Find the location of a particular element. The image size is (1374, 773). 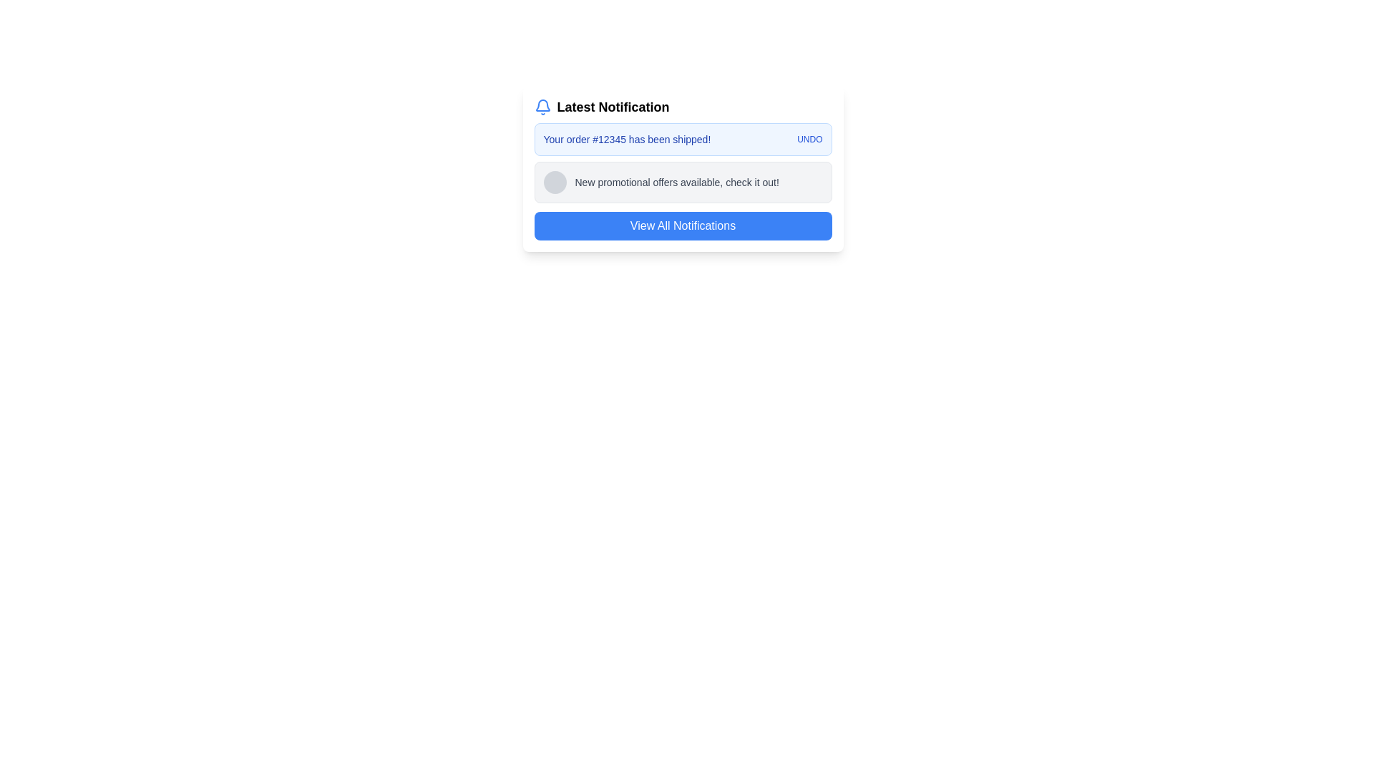

static text element displaying the message: 'New promotional offers available, check it out!' located within the notification card layout, positioned to the right of a circular gray icon is located at coordinates (676, 181).